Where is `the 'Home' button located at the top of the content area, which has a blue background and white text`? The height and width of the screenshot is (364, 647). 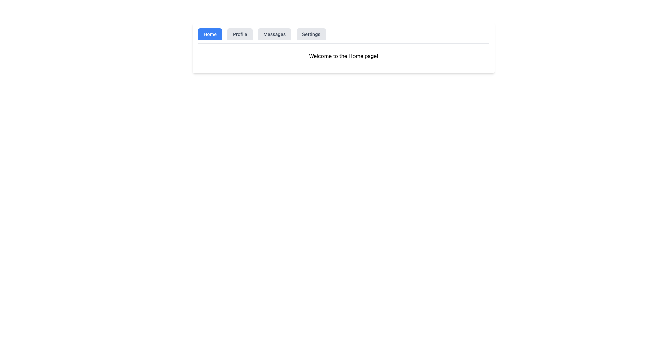
the 'Home' button located at the top of the content area, which has a blue background and white text is located at coordinates (210, 34).